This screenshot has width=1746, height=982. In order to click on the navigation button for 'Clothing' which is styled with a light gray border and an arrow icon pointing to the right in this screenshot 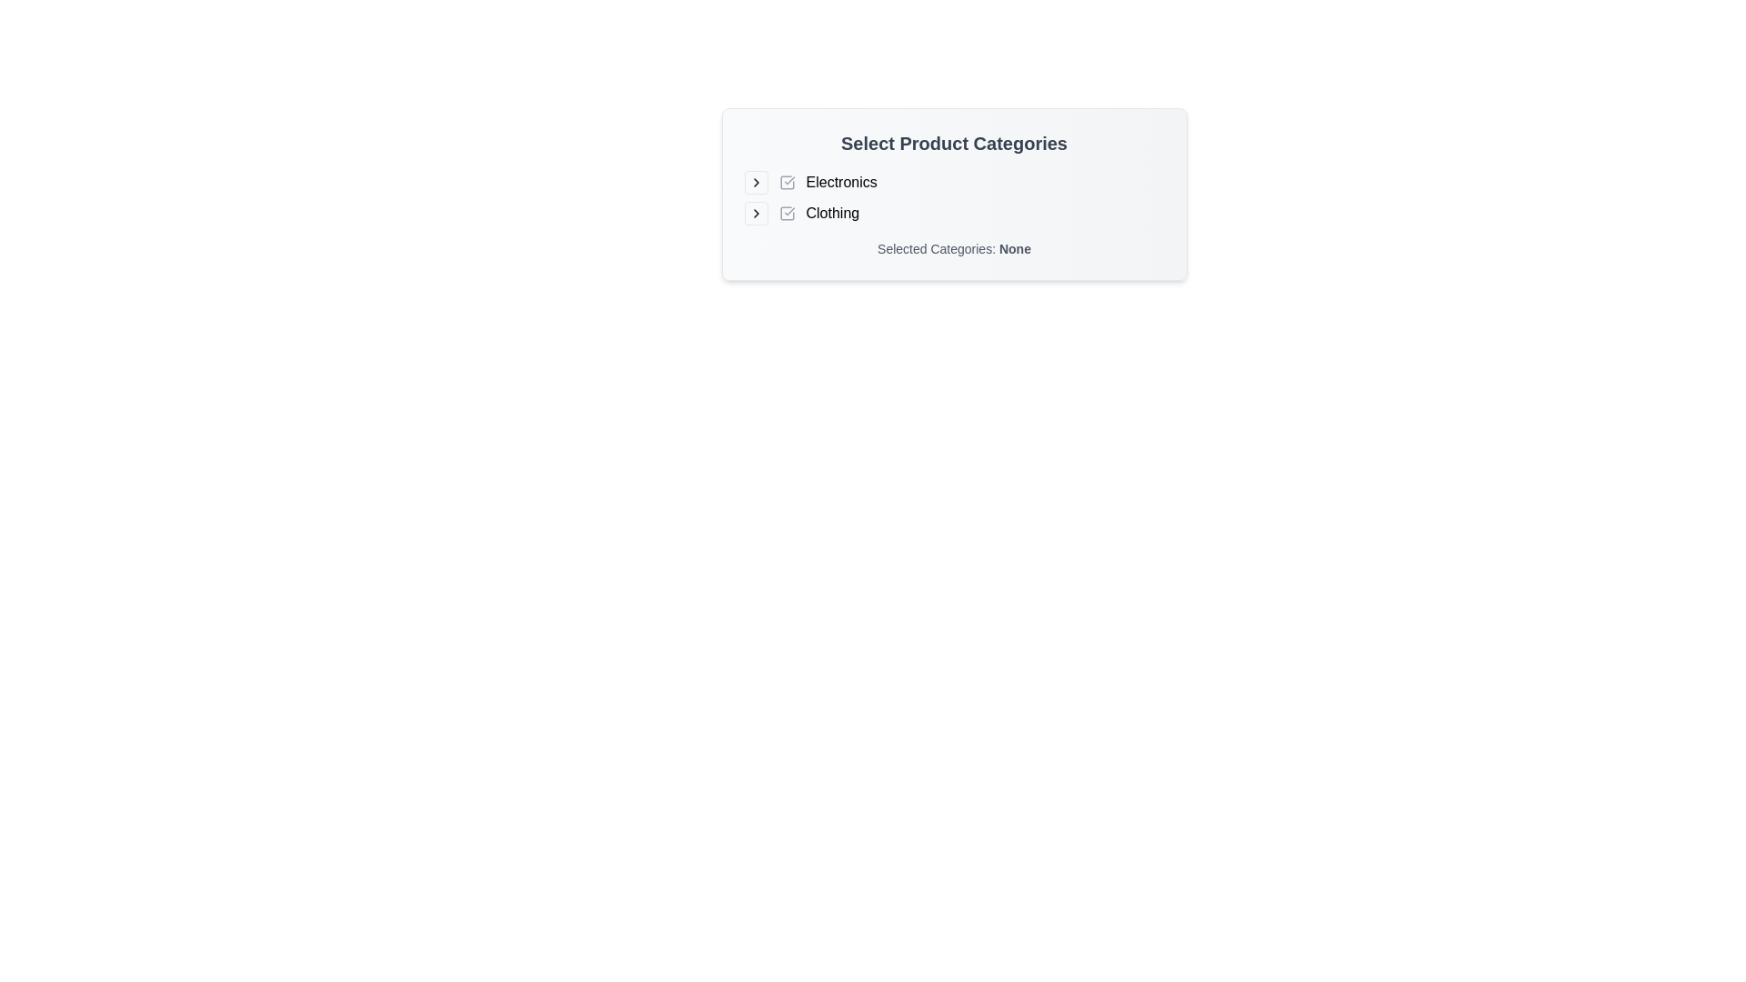, I will do `click(756, 213)`.